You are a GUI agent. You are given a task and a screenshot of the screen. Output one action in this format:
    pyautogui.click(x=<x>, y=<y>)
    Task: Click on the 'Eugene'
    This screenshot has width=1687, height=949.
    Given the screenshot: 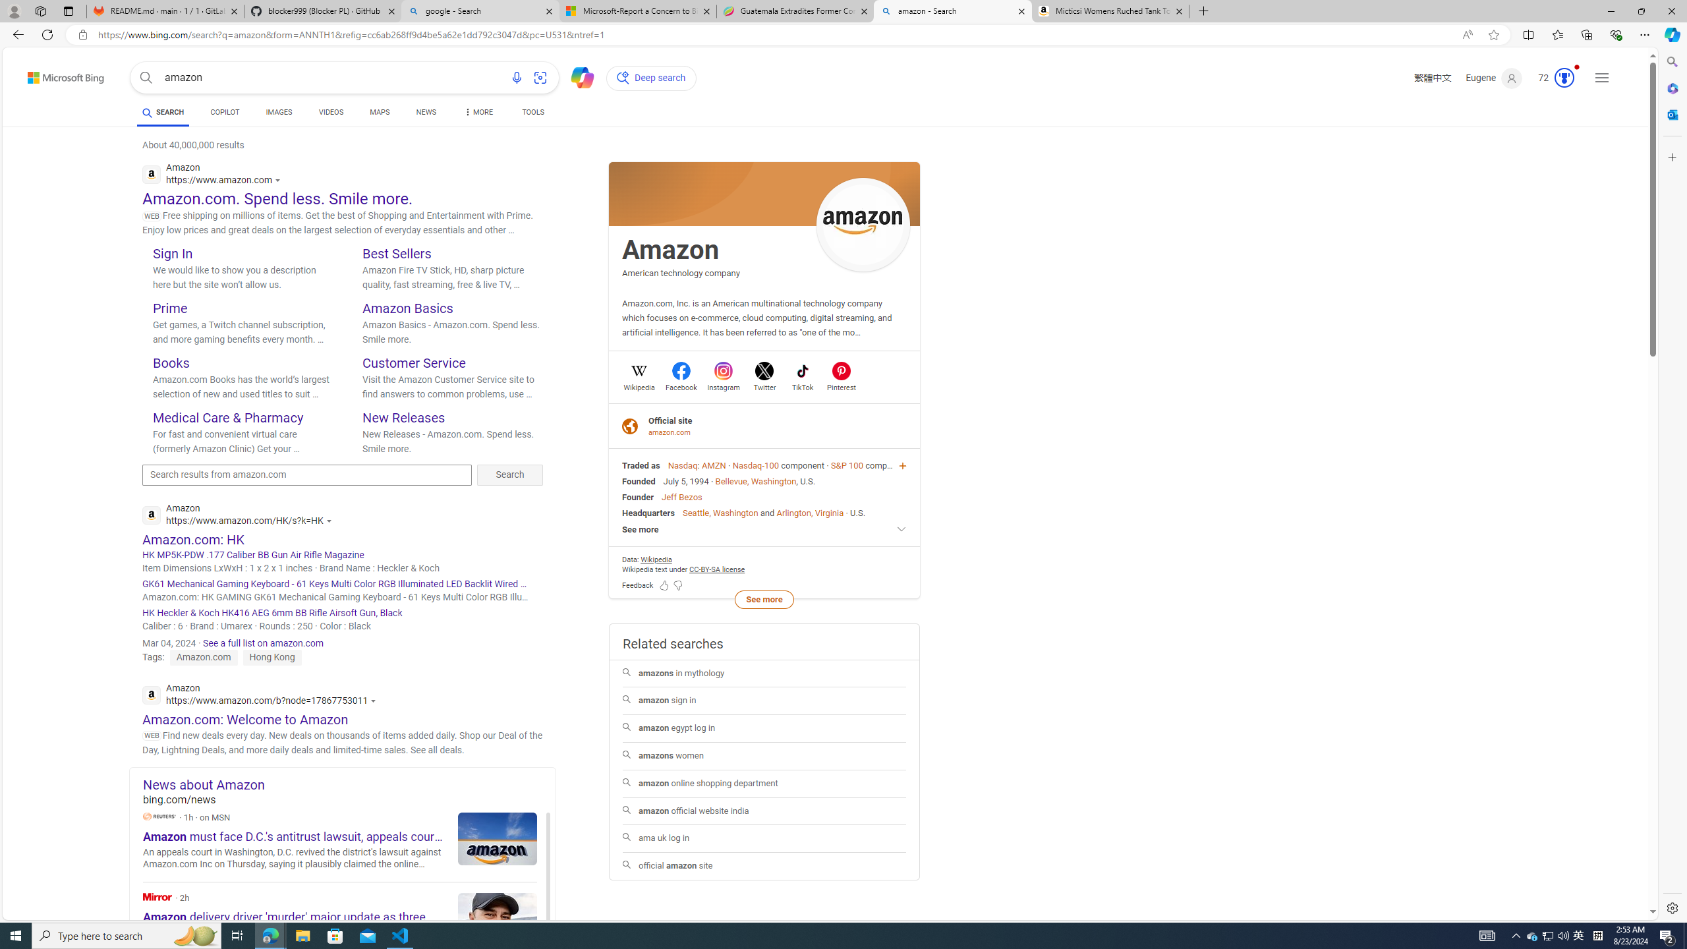 What is the action you would take?
    pyautogui.click(x=1494, y=78)
    